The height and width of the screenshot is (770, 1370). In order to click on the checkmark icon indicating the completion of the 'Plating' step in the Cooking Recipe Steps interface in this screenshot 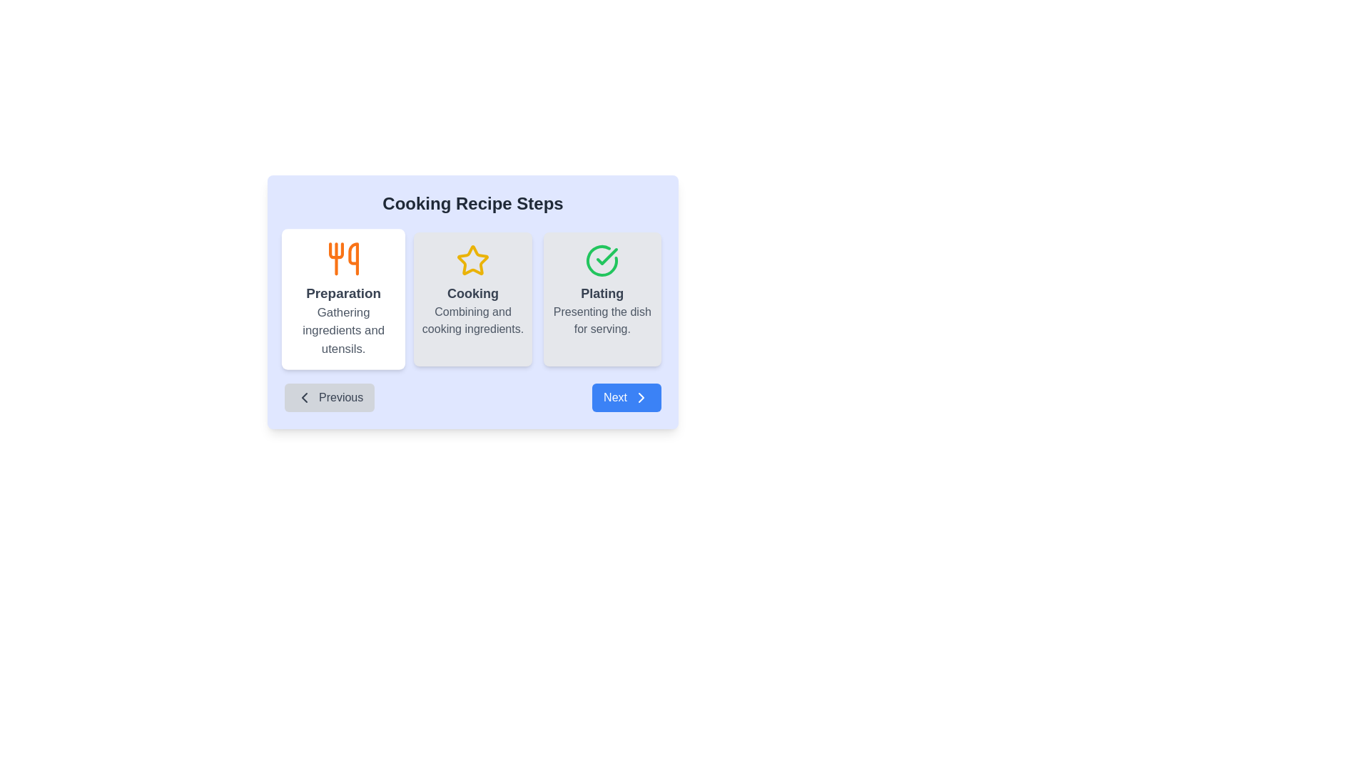, I will do `click(607, 255)`.